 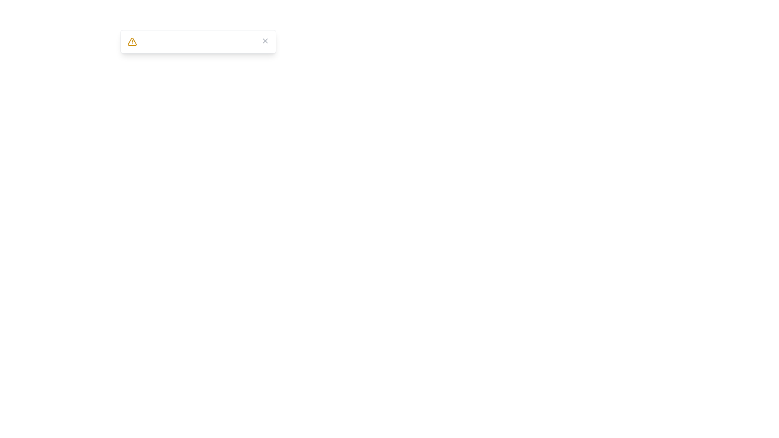 What do you see at coordinates (265, 41) in the screenshot?
I see `the close or dismiss icon located on the far right side of the white interface panel, which is adjacent to a yellow warning triangle` at bounding box center [265, 41].